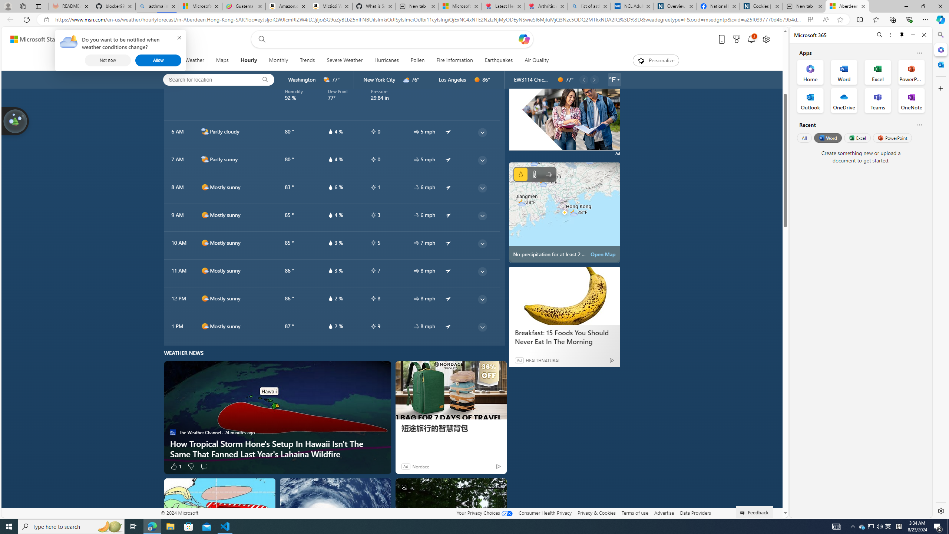 The height and width of the screenshot is (534, 949). I want to click on 'OneNote Office App', so click(911, 100).